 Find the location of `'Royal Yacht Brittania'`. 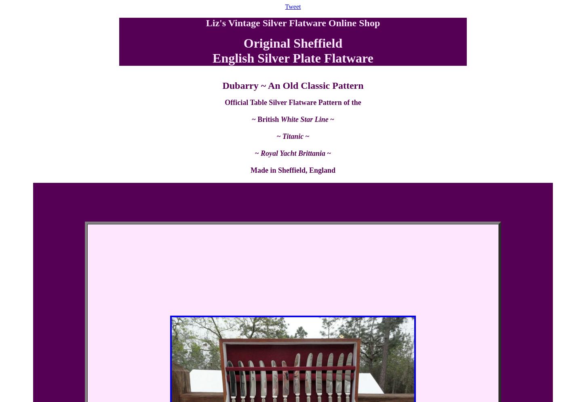

'Royal Yacht Brittania' is located at coordinates (292, 153).